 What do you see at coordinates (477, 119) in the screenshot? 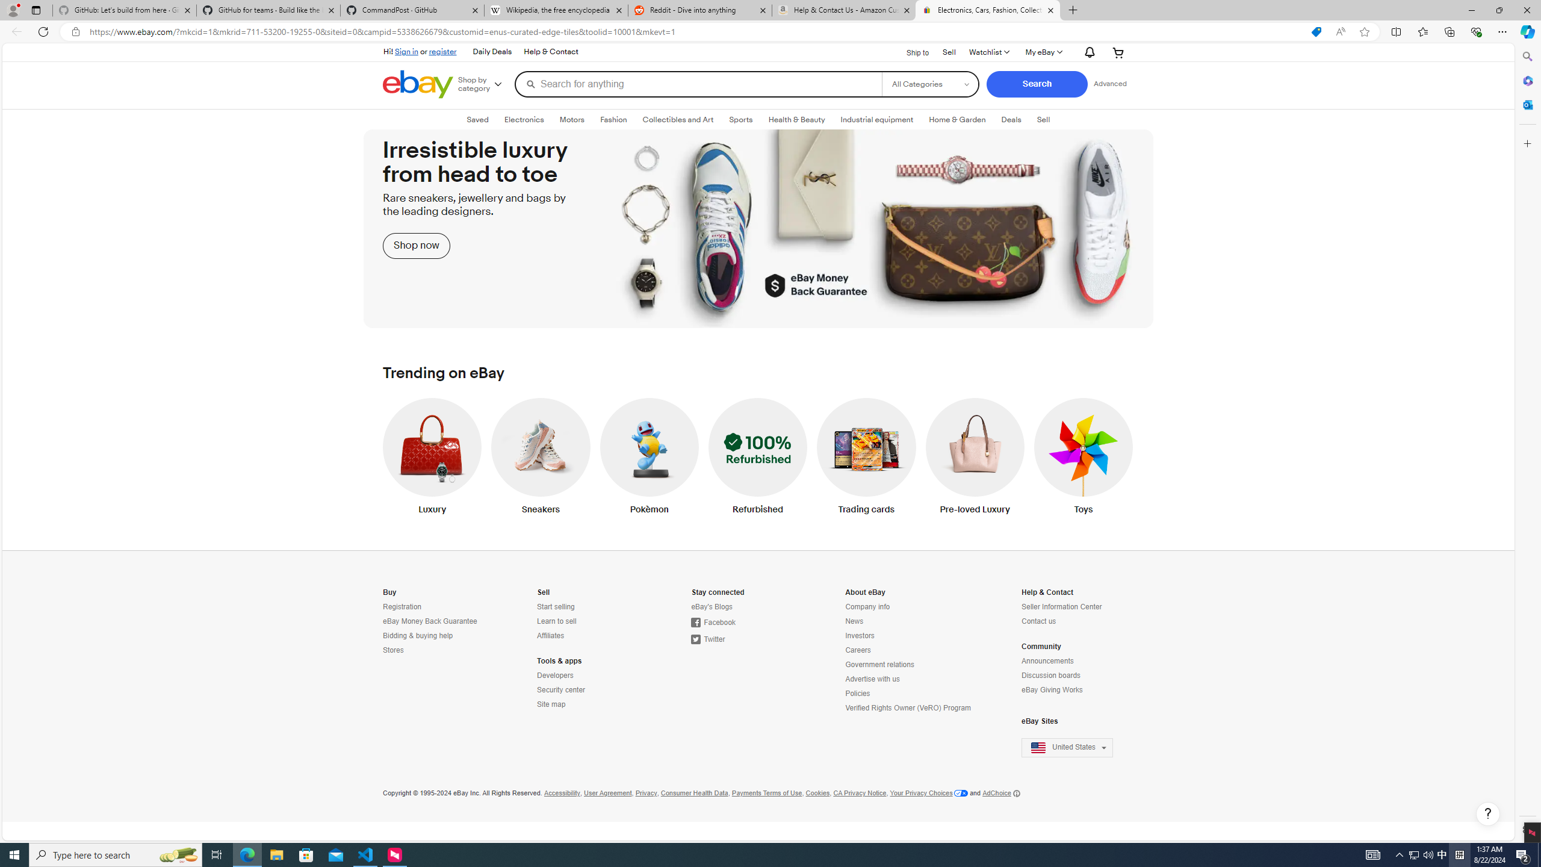
I see `'Saved'` at bounding box center [477, 119].